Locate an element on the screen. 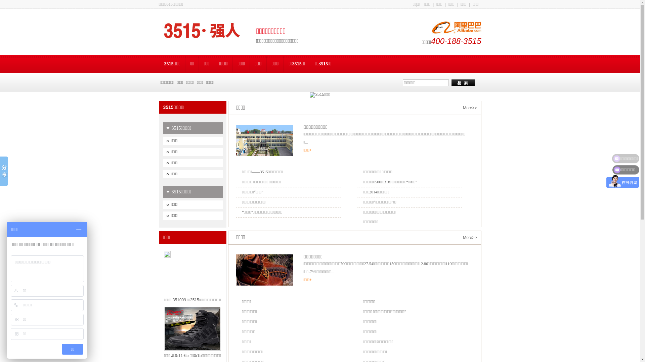  'More>>' is located at coordinates (469, 107).